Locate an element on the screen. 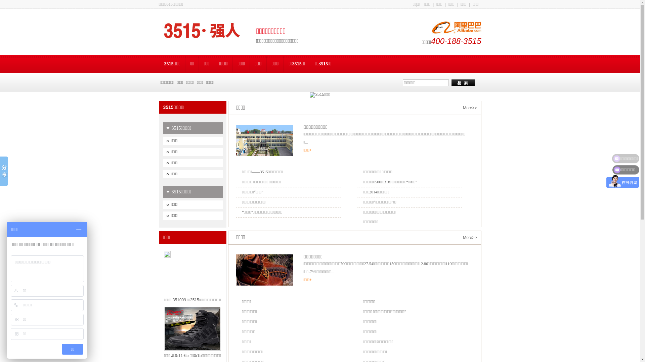  'More>>' is located at coordinates (469, 107).